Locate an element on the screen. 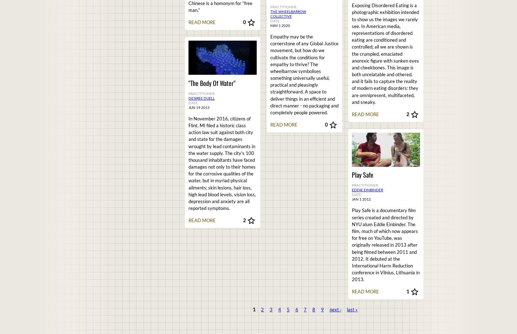 Image resolution: width=517 pixels, height=334 pixels. '8' is located at coordinates (313, 309).